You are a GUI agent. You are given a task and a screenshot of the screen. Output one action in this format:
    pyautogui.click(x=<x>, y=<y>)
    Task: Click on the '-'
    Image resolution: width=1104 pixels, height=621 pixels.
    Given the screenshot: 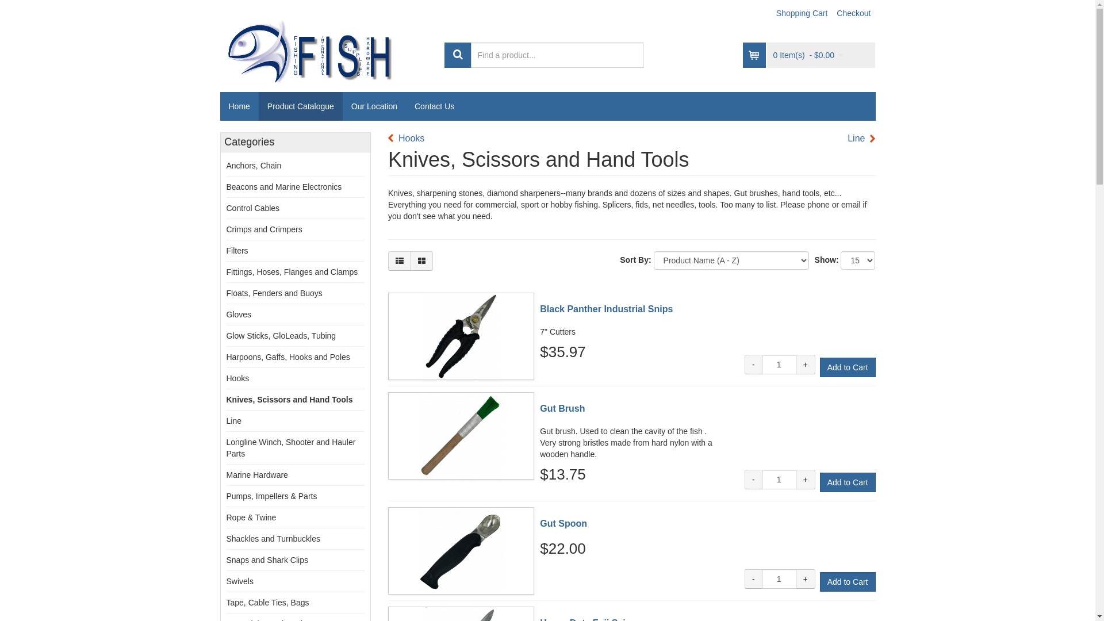 What is the action you would take?
    pyautogui.click(x=745, y=578)
    